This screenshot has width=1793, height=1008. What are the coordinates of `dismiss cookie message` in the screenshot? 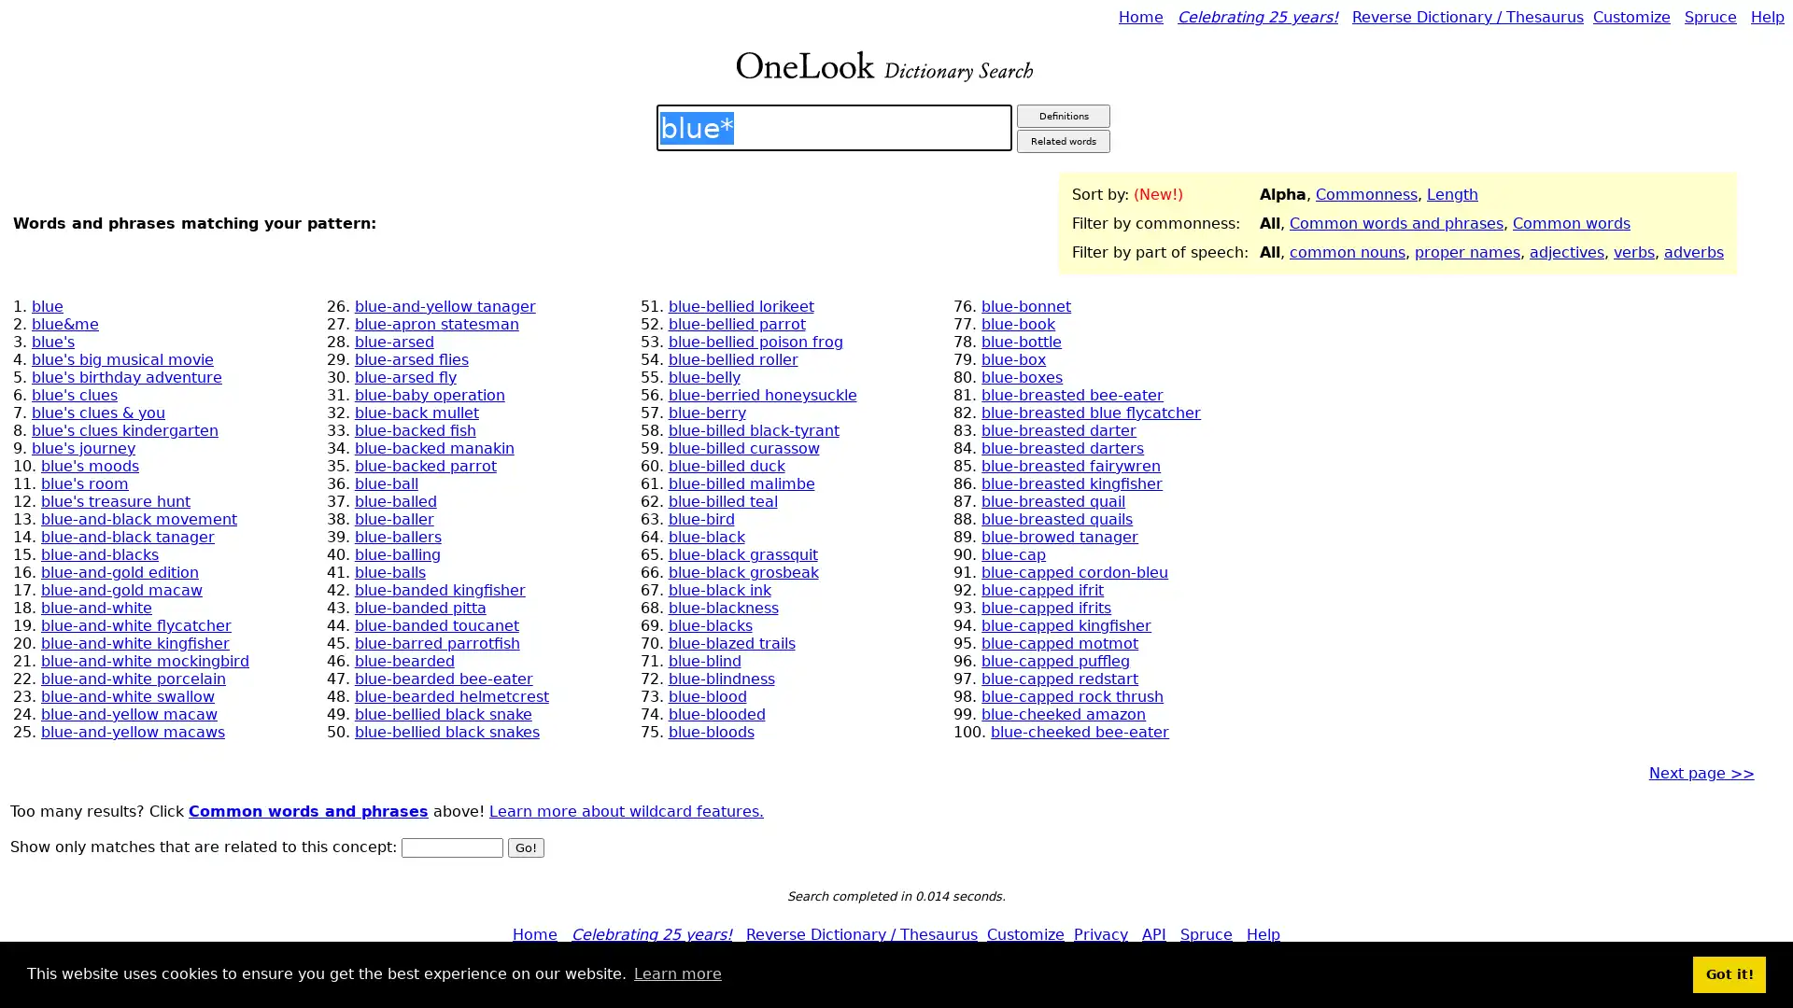 It's located at (1729, 973).